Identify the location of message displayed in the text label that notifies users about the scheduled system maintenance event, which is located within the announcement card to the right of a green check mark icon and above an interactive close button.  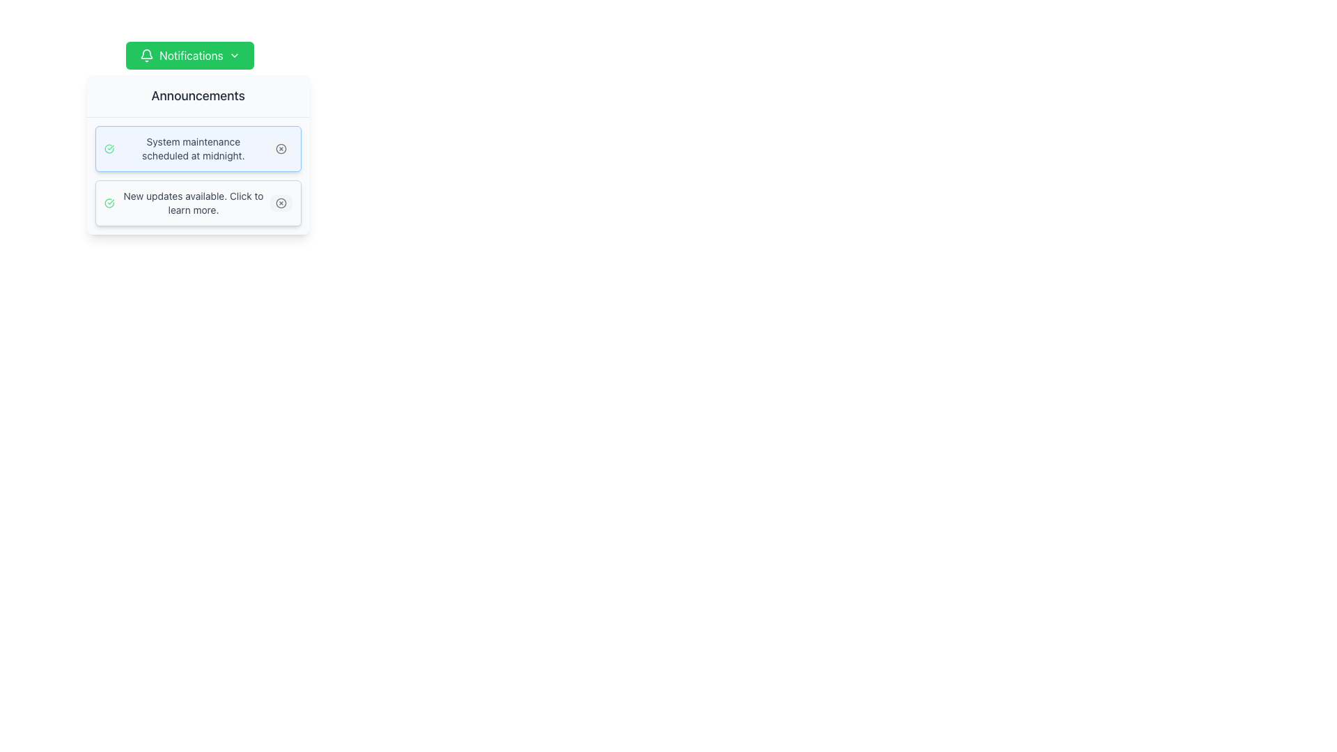
(192, 148).